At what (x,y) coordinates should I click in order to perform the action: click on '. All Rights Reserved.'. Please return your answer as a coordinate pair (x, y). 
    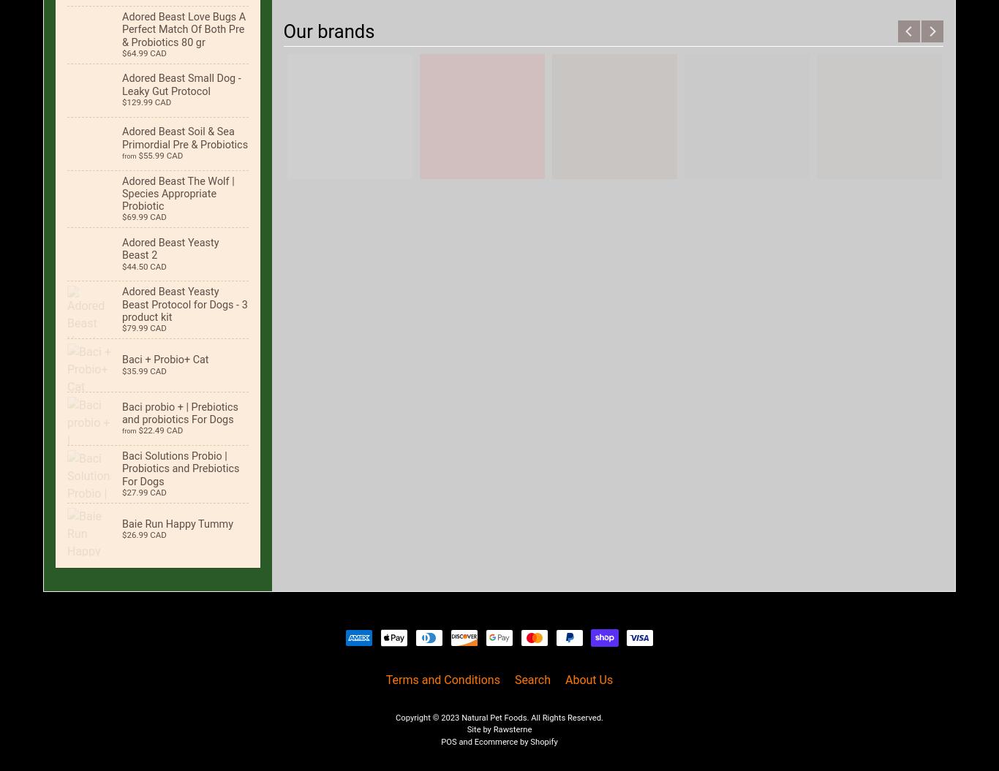
    Looking at the image, I should click on (527, 717).